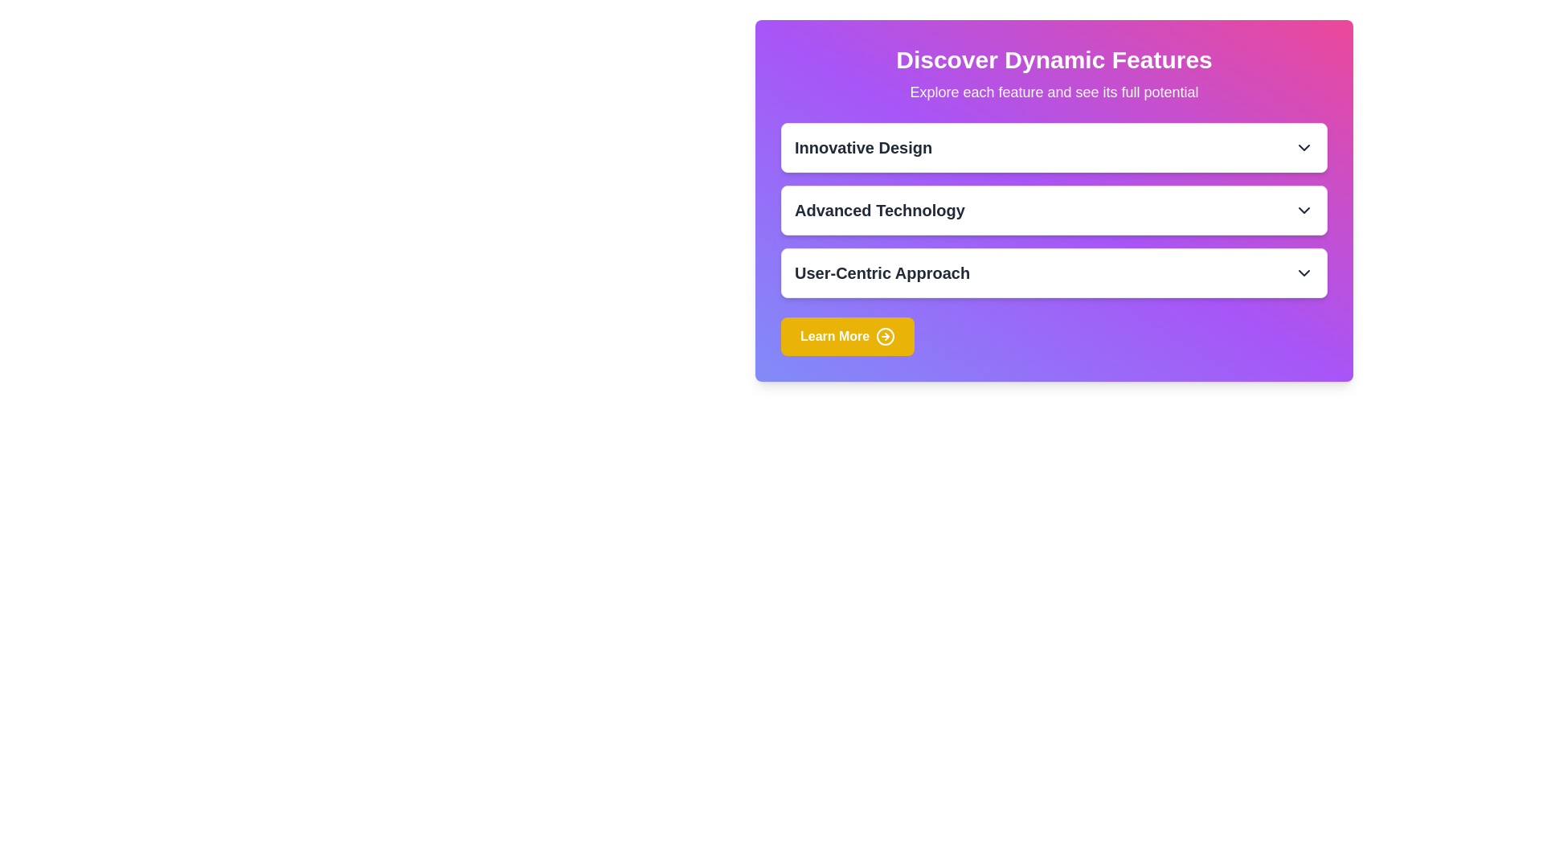 The height and width of the screenshot is (868, 1543). I want to click on the text label that says 'Explore each feature and see its full potential', which is styled with a large font size and is positioned below the title 'Discover Dynamic Features' in a colorful gradient background, so click(1054, 92).